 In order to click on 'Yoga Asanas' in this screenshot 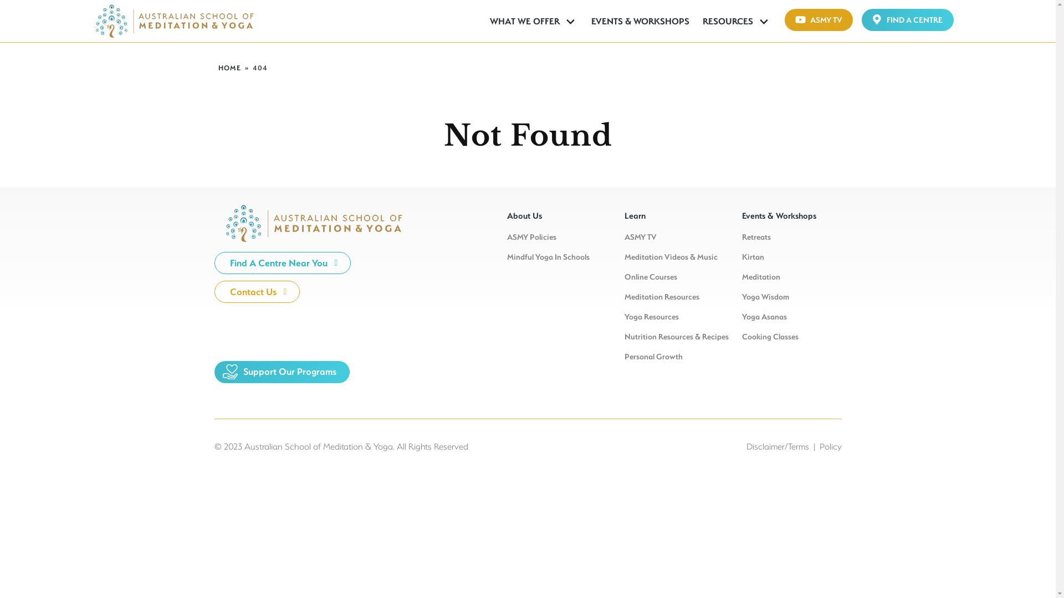, I will do `click(763, 316)`.